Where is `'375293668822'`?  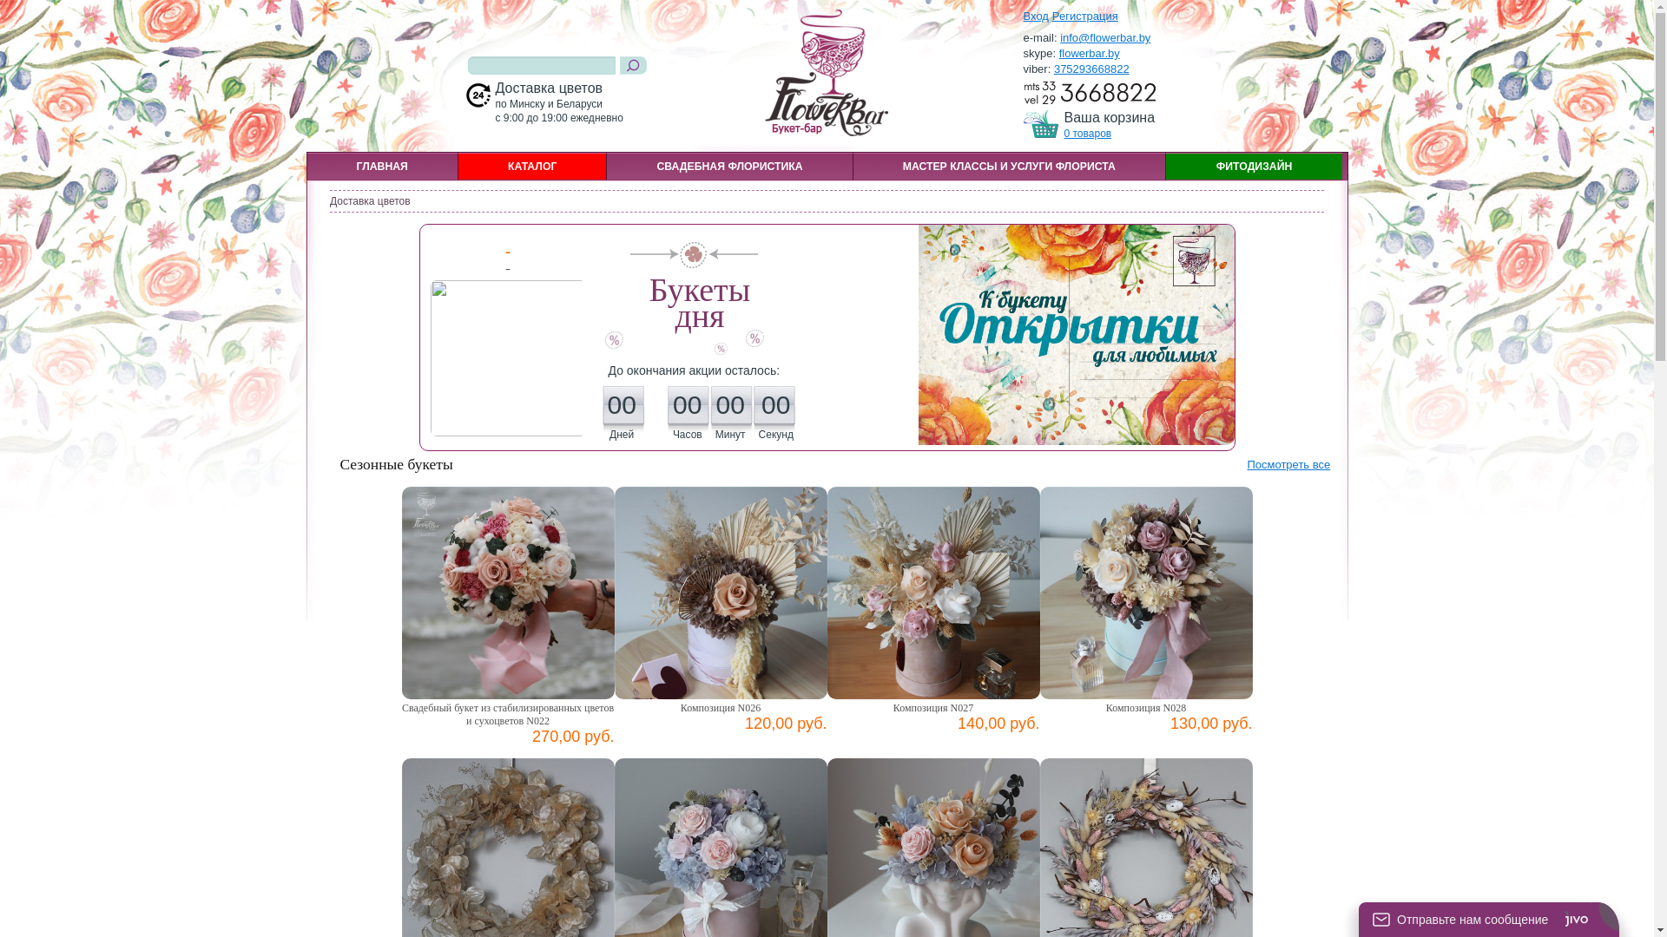 '375293668822' is located at coordinates (1090, 68).